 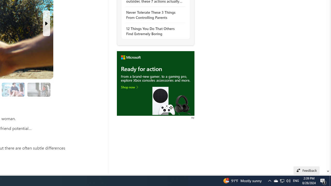 I want to click on 'Next Slide', so click(x=46, y=23).